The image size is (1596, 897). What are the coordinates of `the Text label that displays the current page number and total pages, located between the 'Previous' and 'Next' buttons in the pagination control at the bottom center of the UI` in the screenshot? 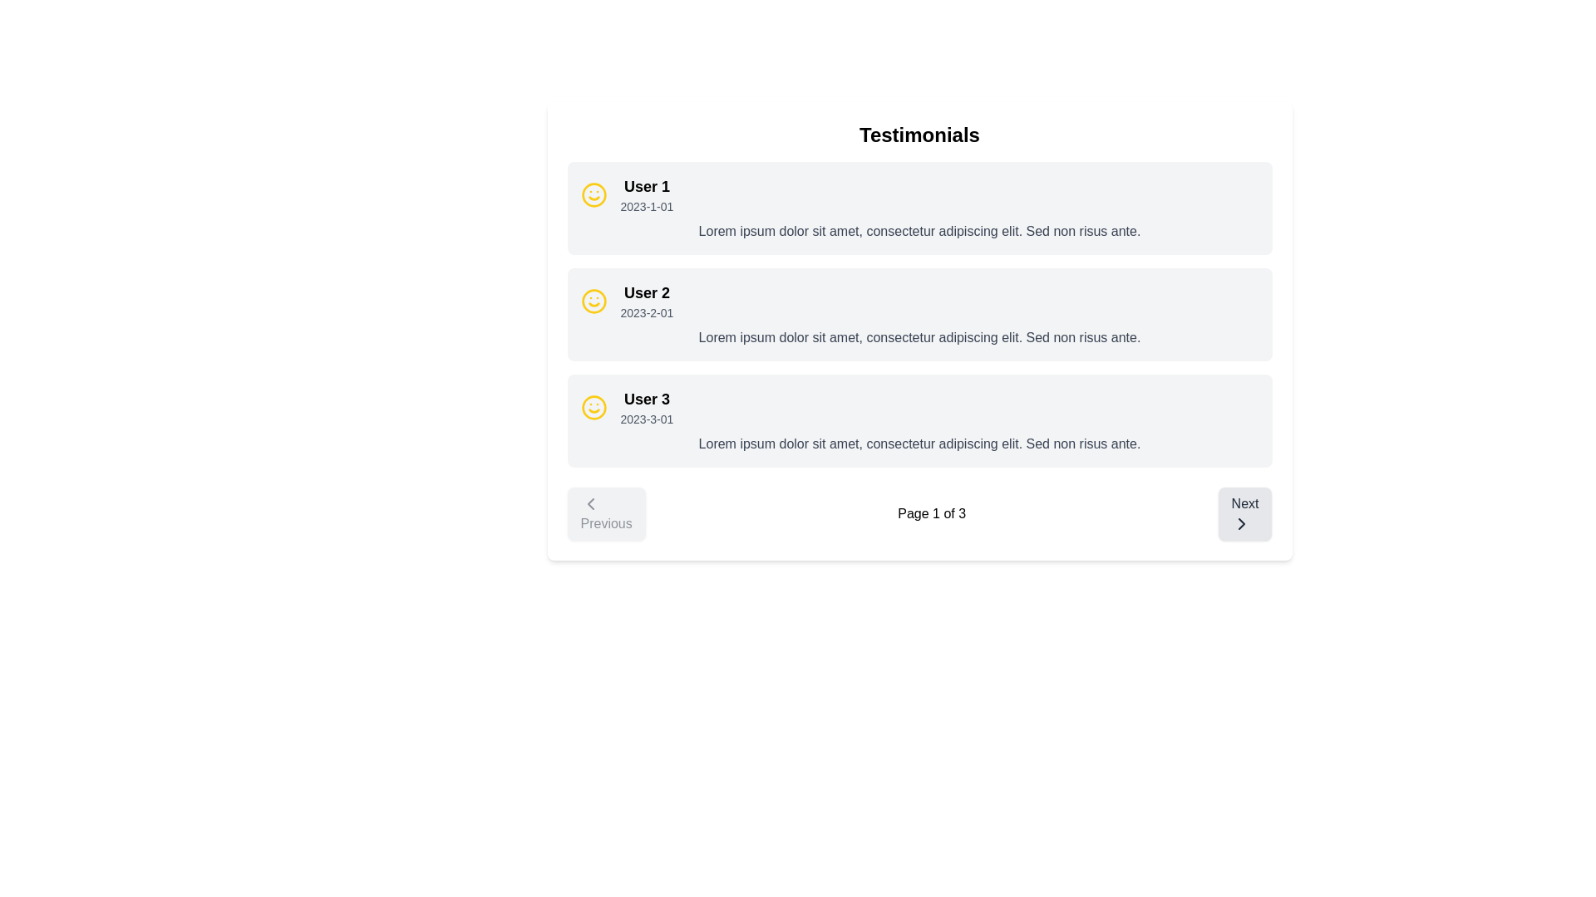 It's located at (932, 512).